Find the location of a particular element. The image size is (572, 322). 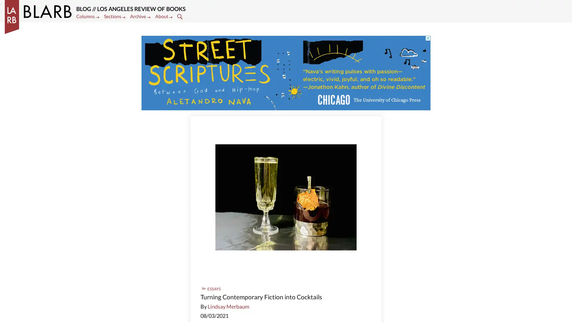

Submit is located at coordinates (180, 16).